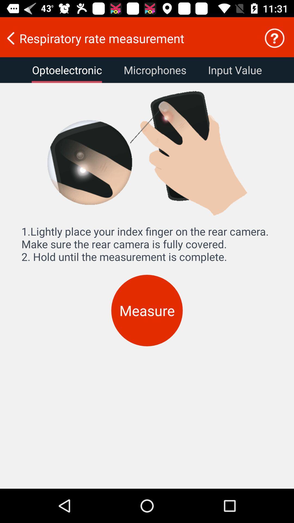 Image resolution: width=294 pixels, height=523 pixels. I want to click on input value item, so click(235, 70).